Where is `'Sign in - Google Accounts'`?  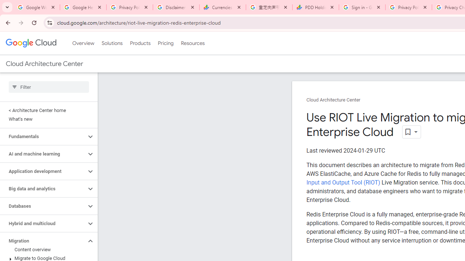 'Sign in - Google Accounts' is located at coordinates (362, 7).